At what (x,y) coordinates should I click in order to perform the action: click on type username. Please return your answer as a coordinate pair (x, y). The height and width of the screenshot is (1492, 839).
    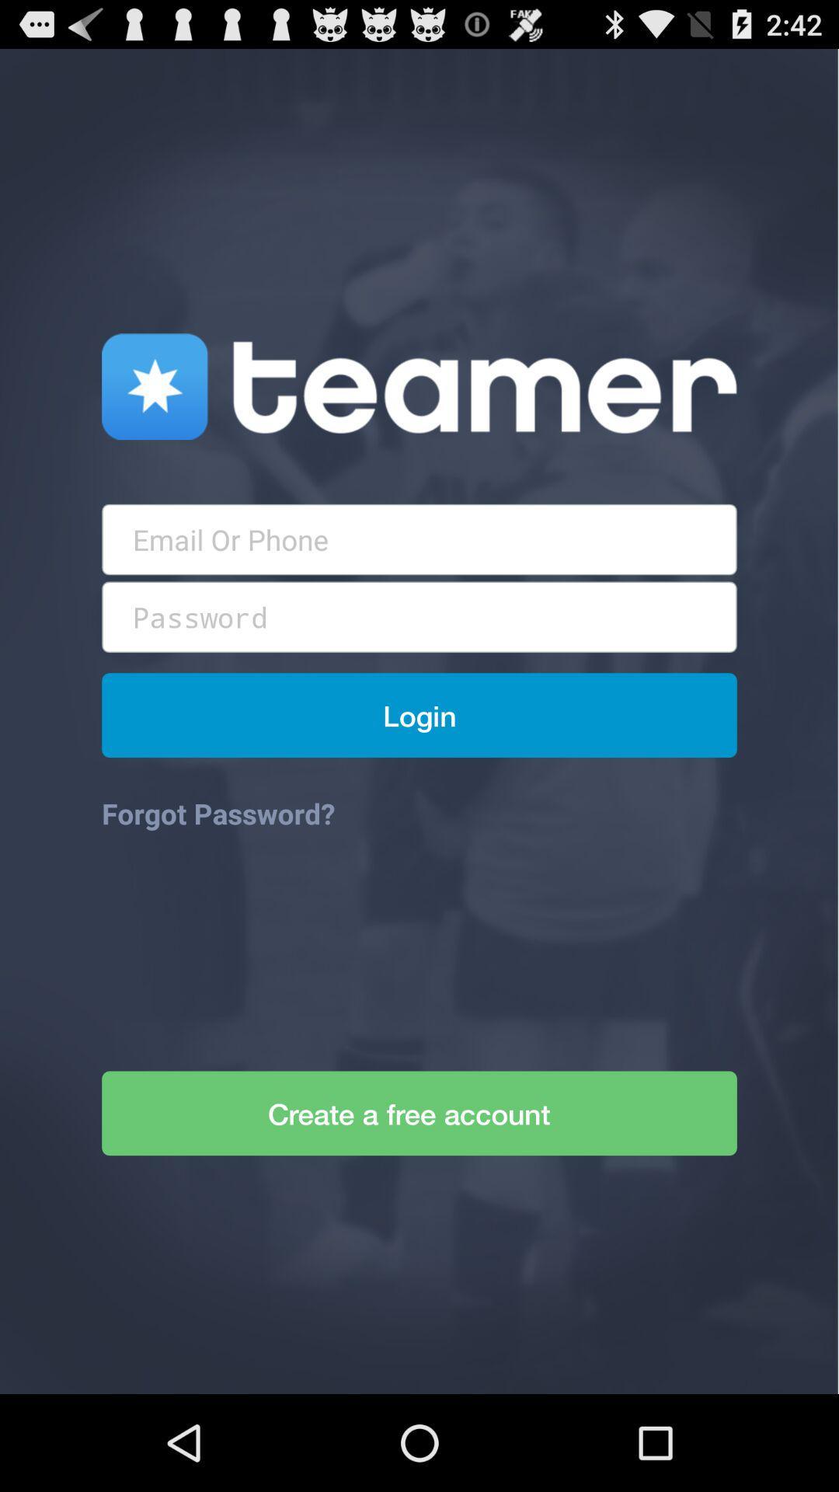
    Looking at the image, I should click on (419, 539).